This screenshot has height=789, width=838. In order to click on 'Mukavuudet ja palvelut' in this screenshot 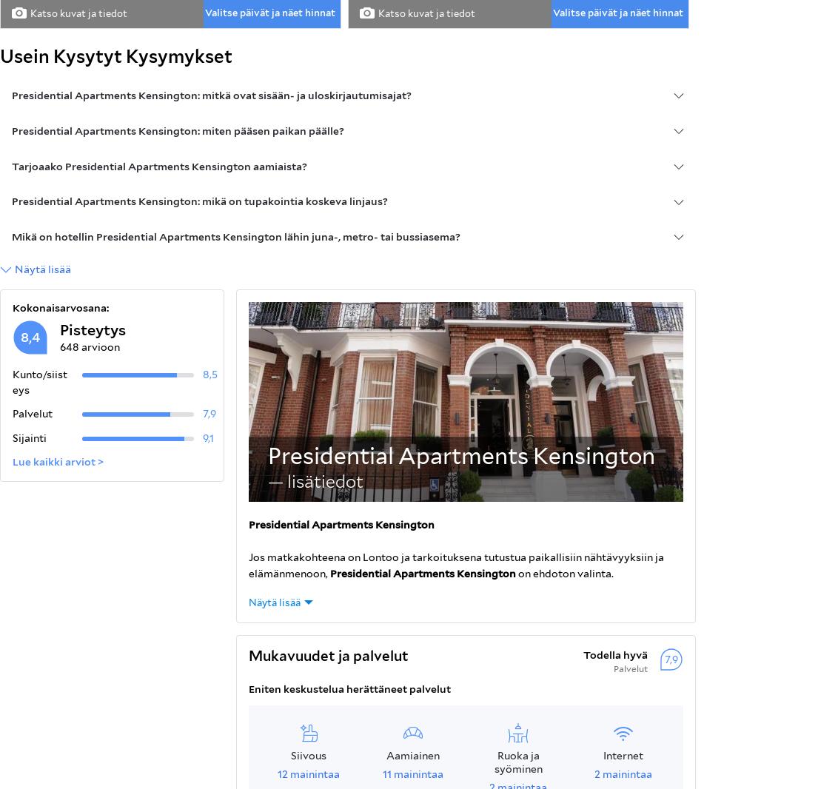, I will do `click(327, 654)`.